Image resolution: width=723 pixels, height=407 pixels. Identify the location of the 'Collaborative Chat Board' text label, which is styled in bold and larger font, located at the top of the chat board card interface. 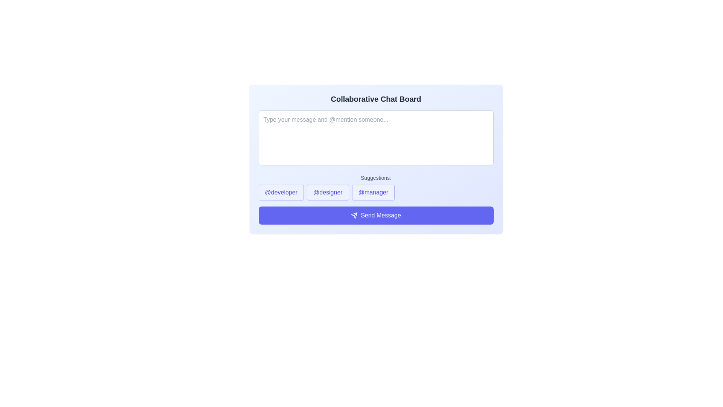
(376, 98).